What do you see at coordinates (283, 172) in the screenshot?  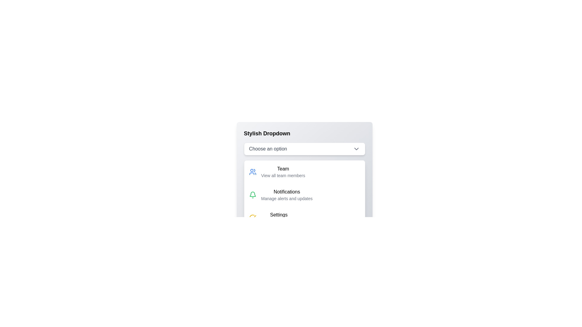 I see `the 'Team' menu item in the 'Stylish Dropdown'` at bounding box center [283, 172].